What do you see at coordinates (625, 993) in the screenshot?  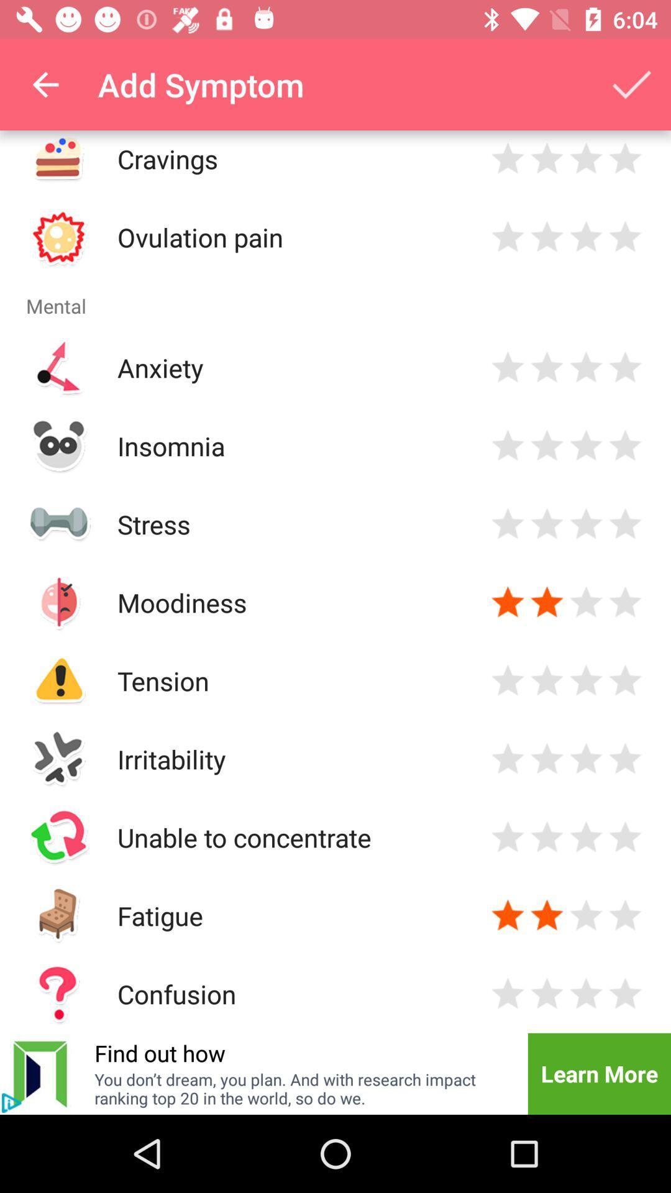 I see `extreme memory loss` at bounding box center [625, 993].